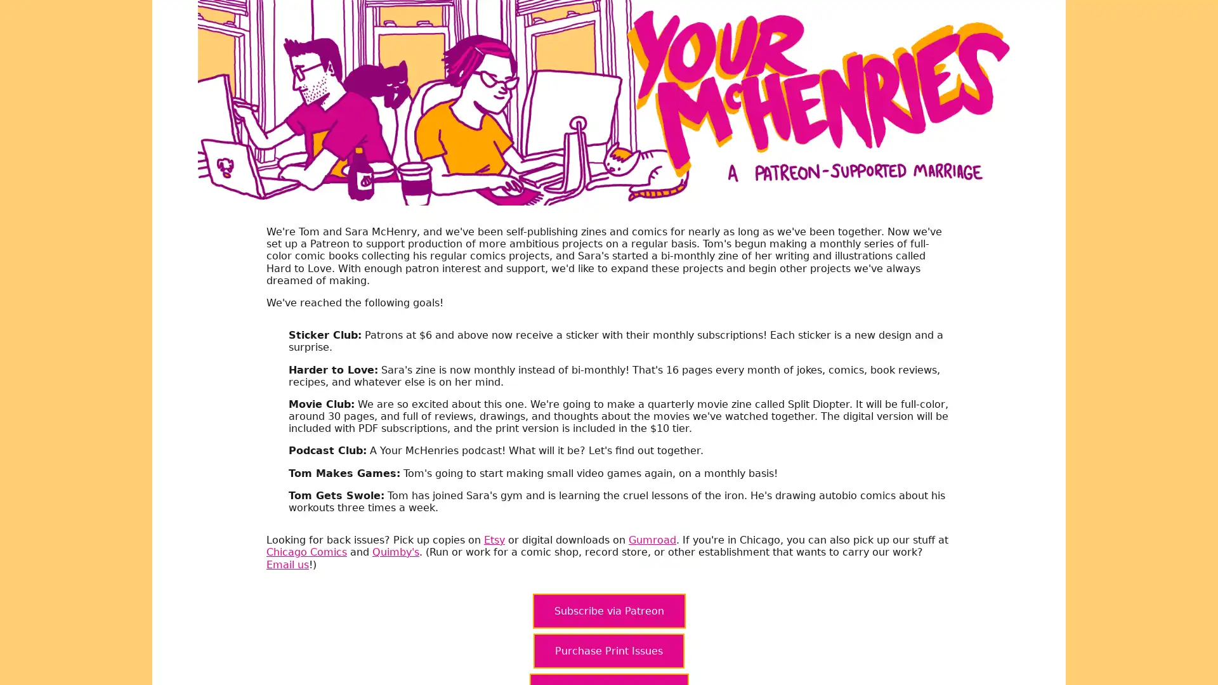 This screenshot has width=1218, height=685. Describe the element at coordinates (608, 610) in the screenshot. I see `Subscribe via Patreon` at that location.